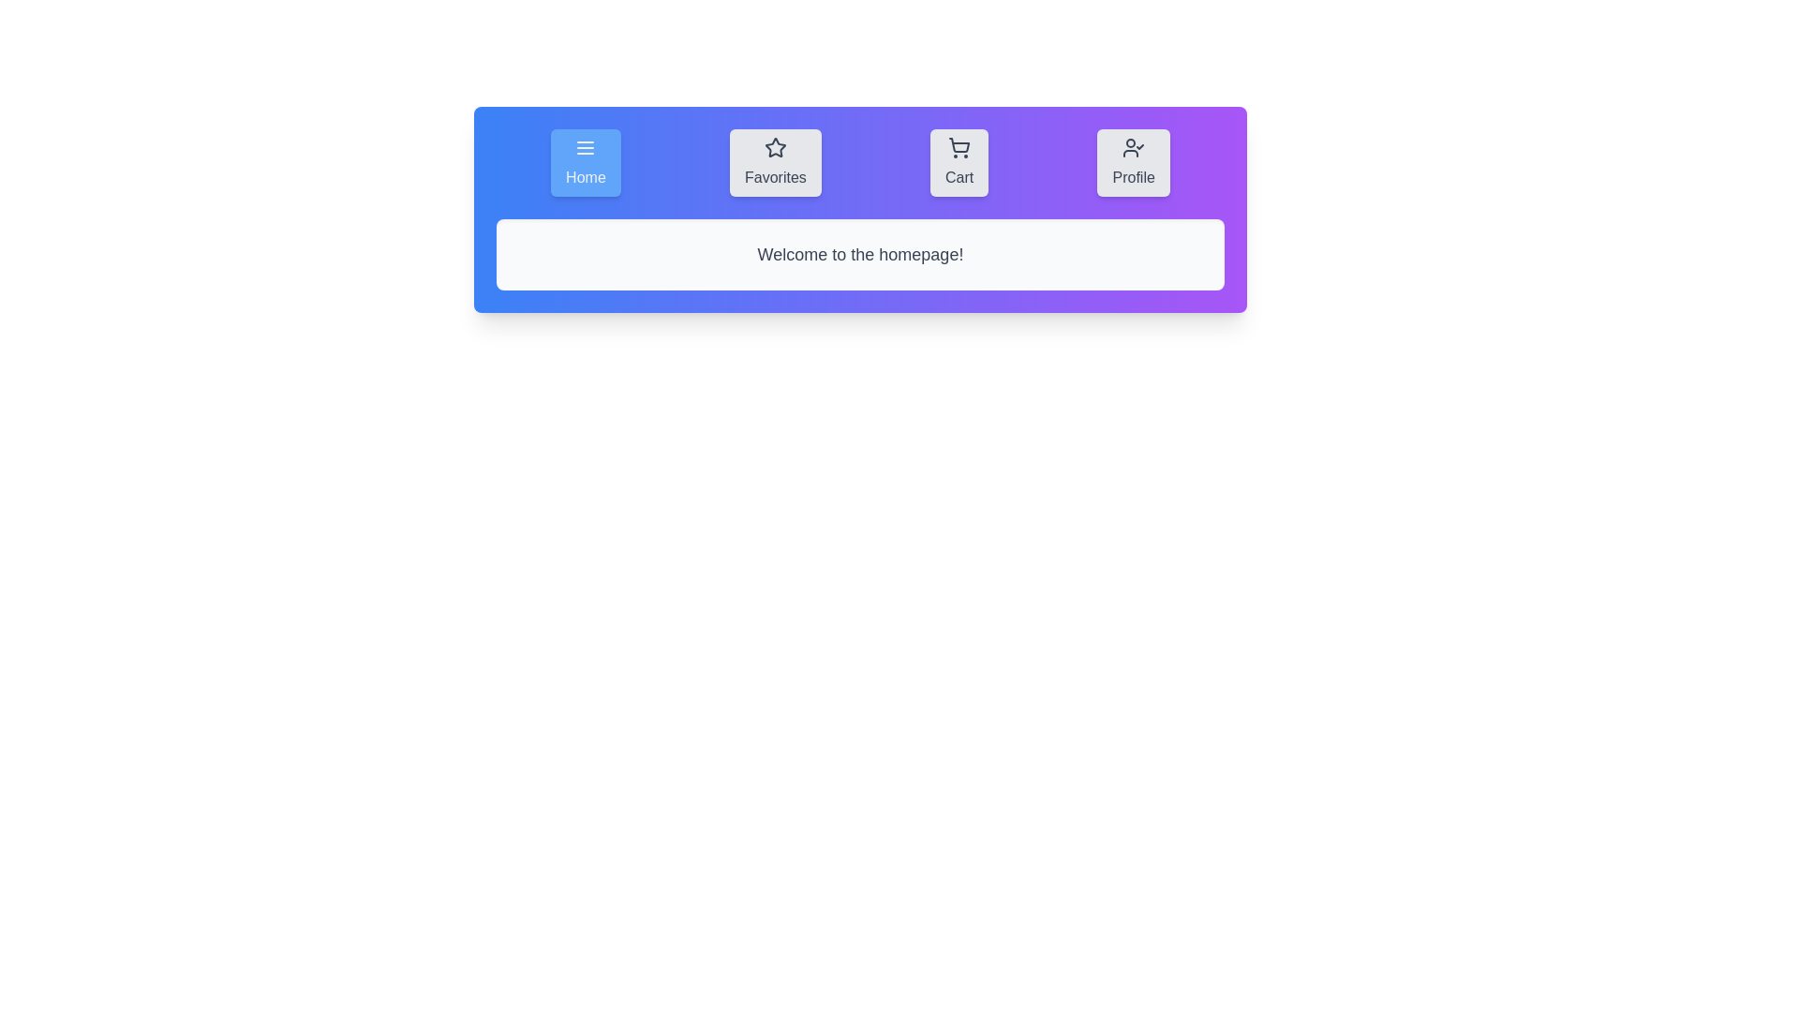 This screenshot has height=1012, width=1799. What do you see at coordinates (585, 177) in the screenshot?
I see `text displayed in the 'Home' label located under the menu icon in the first button of the navigation bar` at bounding box center [585, 177].